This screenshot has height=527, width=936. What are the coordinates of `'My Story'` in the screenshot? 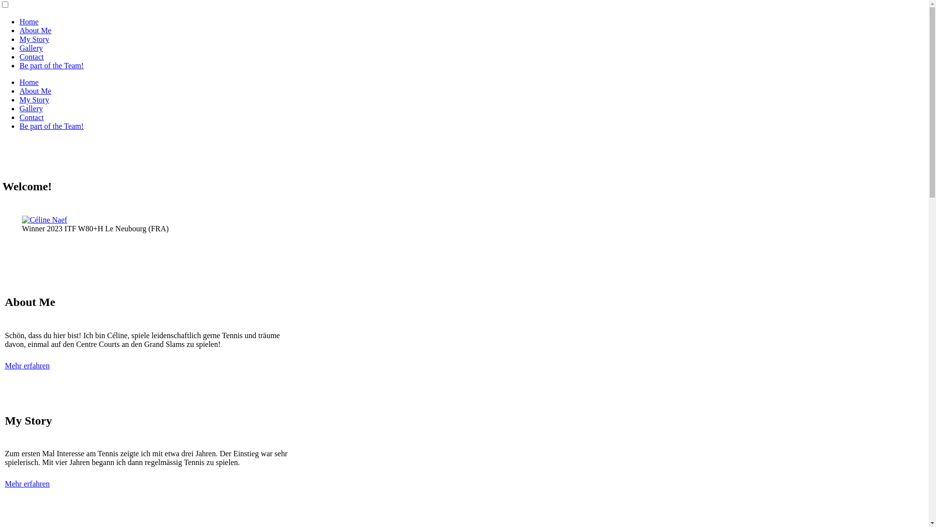 It's located at (19, 39).